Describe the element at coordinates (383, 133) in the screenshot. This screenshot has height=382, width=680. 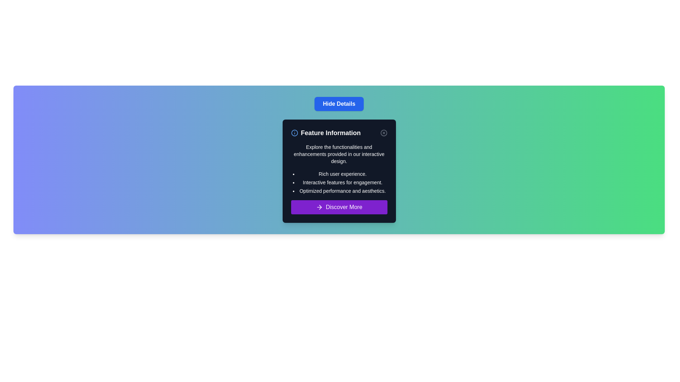
I see `the close button located at the top-right corner of the 'Feature Information' card` at that location.